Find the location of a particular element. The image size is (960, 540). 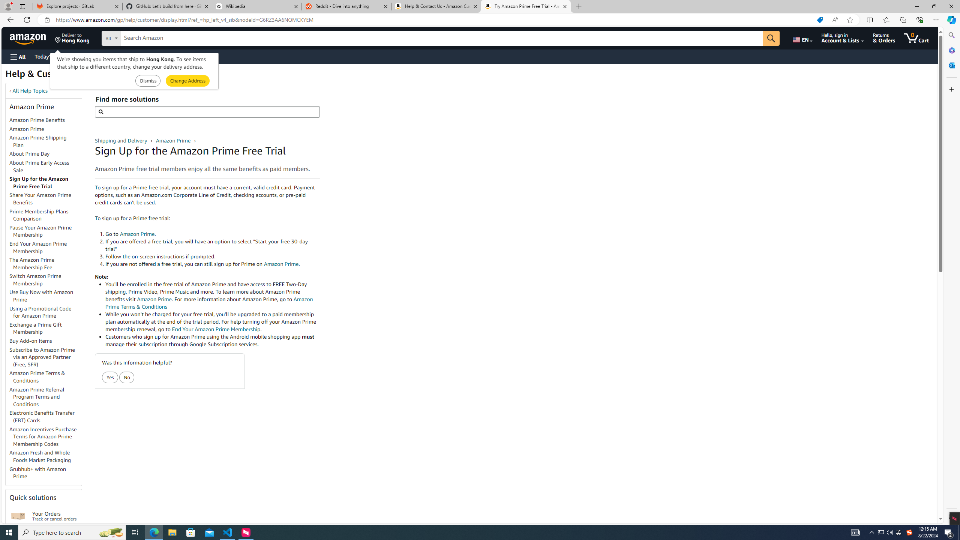

'Share Your Amazon Prime Benefits' is located at coordinates (40, 198).